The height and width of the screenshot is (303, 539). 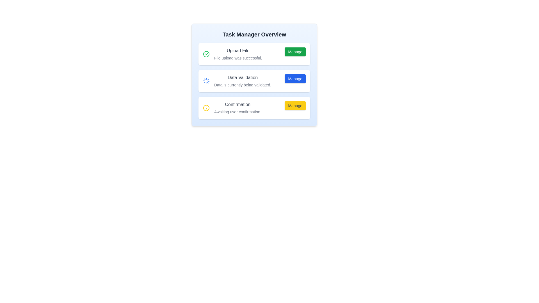 What do you see at coordinates (254, 108) in the screenshot?
I see `the 'Manage' button located within the Information card that has a bold label 'Confirmation' and a smaller text 'Awaiting user confirmation.'` at bounding box center [254, 108].